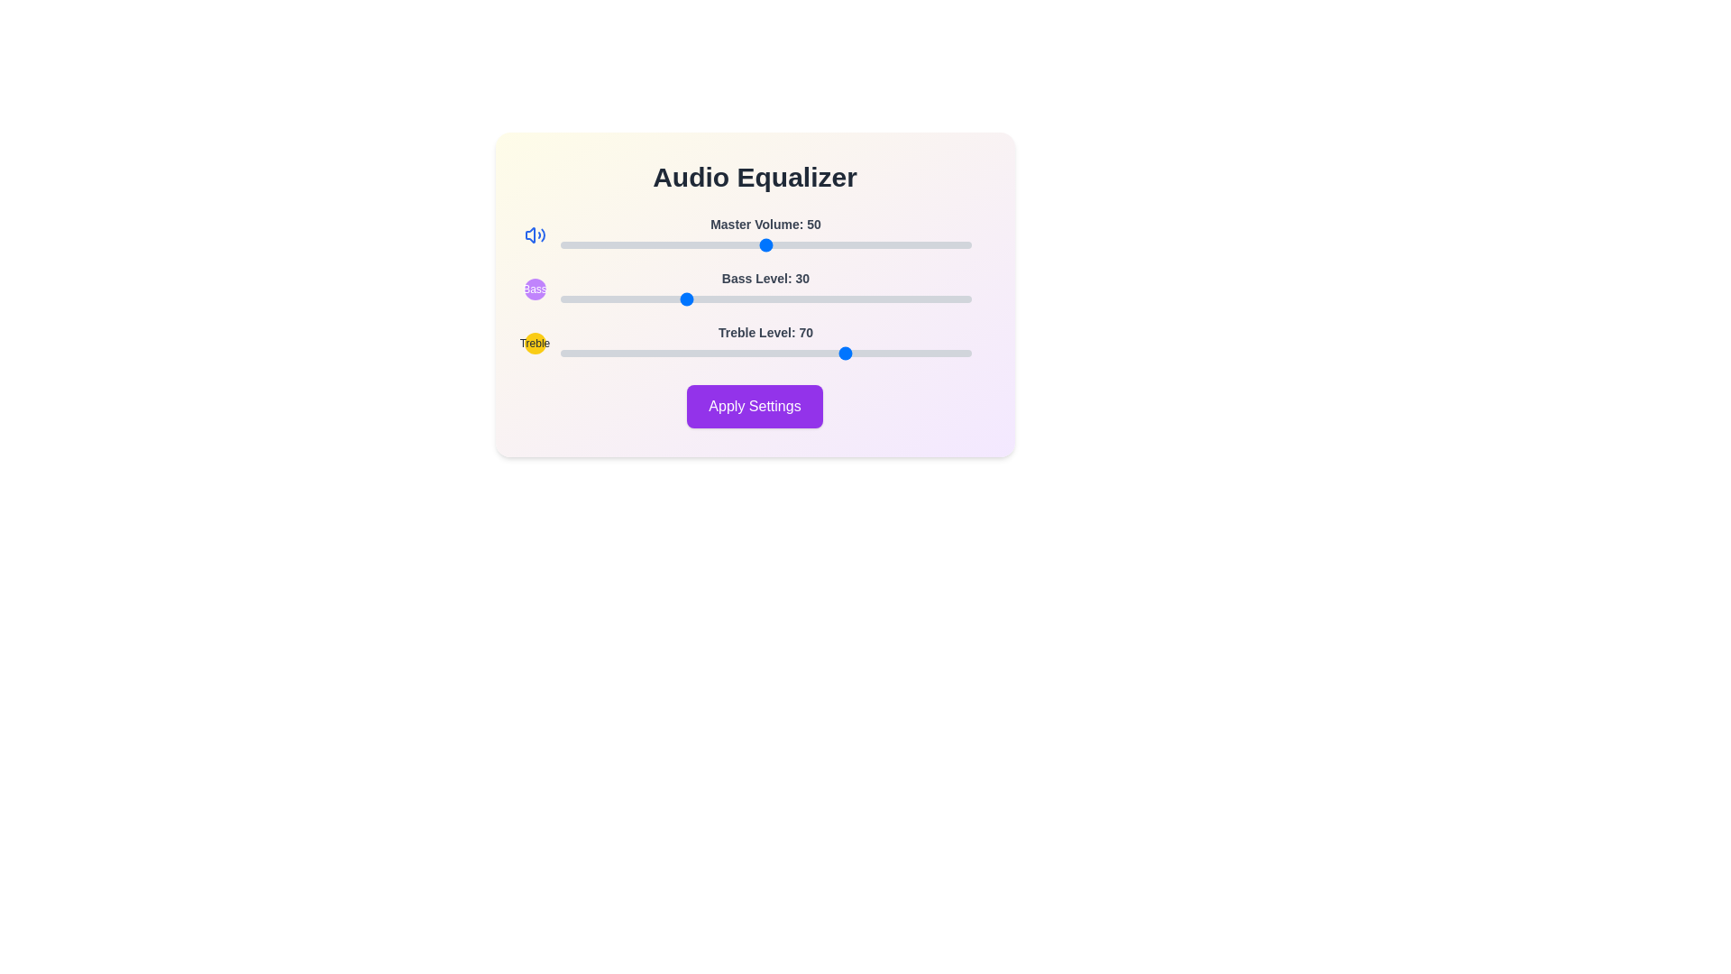 This screenshot has height=974, width=1731. I want to click on bass level, so click(703, 298).